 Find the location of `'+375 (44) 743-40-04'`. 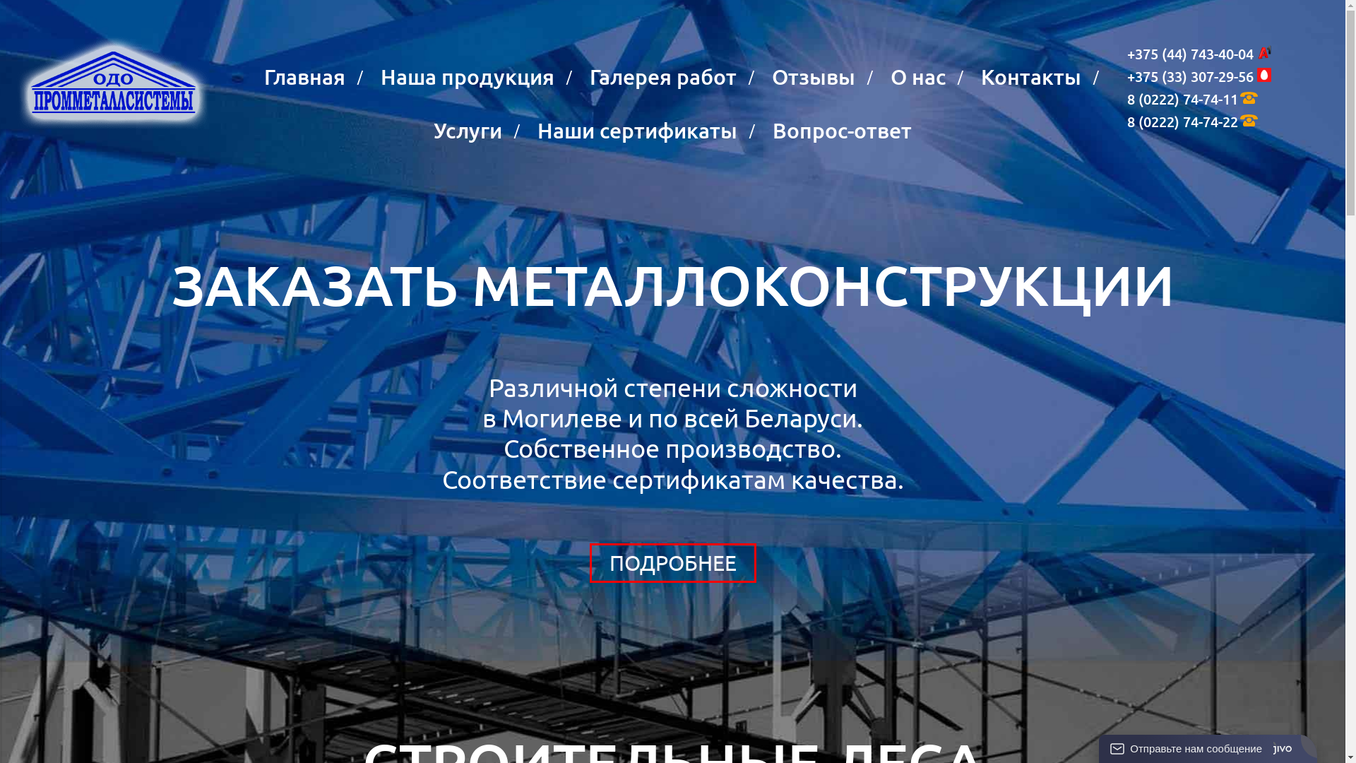

'+375 (44) 743-40-04' is located at coordinates (1189, 53).